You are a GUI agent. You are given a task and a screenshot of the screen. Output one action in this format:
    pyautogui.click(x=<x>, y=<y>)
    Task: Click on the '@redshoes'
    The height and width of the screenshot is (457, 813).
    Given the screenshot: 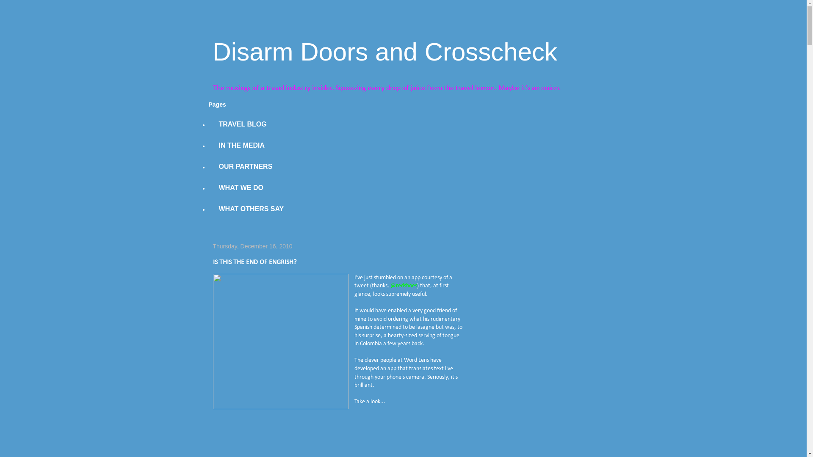 What is the action you would take?
    pyautogui.click(x=403, y=286)
    